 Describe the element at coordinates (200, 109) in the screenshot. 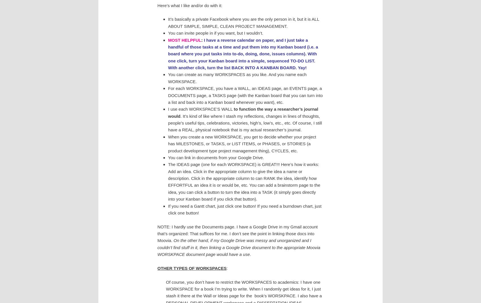

I see `'I use each WORKSPACE’S WALL'` at that location.